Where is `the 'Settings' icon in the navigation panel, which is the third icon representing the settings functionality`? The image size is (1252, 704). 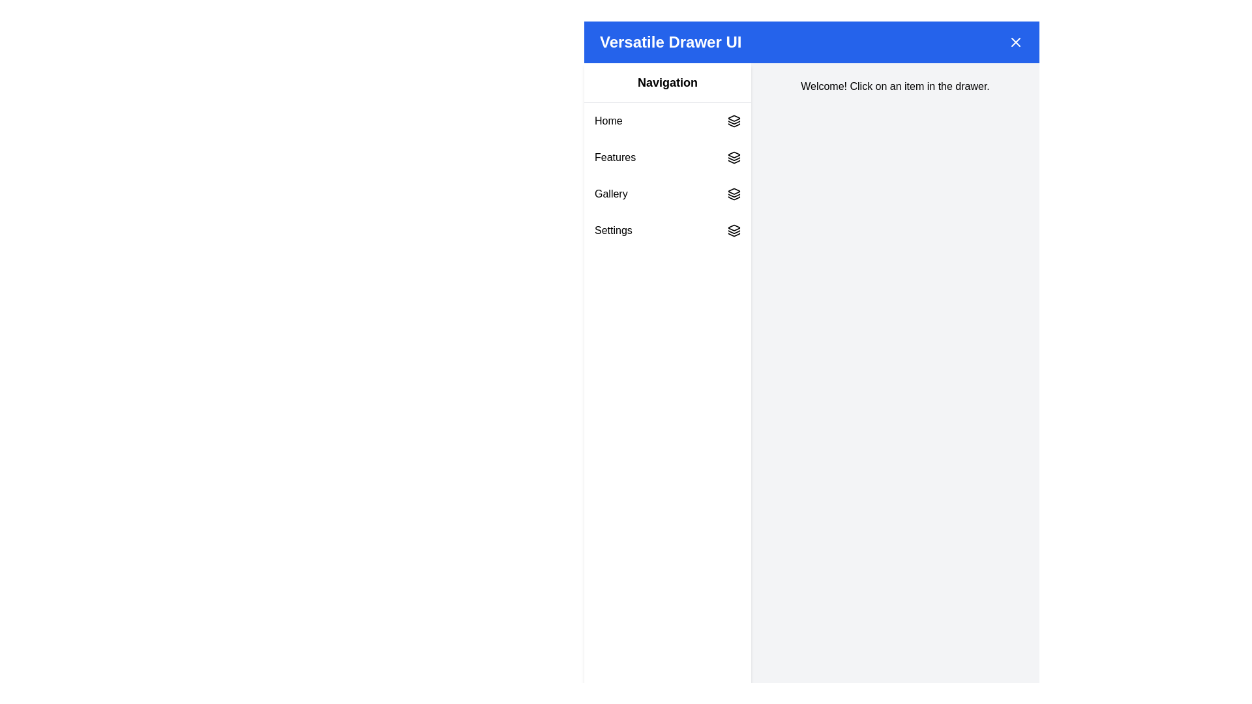 the 'Settings' icon in the navigation panel, which is the third icon representing the settings functionality is located at coordinates (734, 233).